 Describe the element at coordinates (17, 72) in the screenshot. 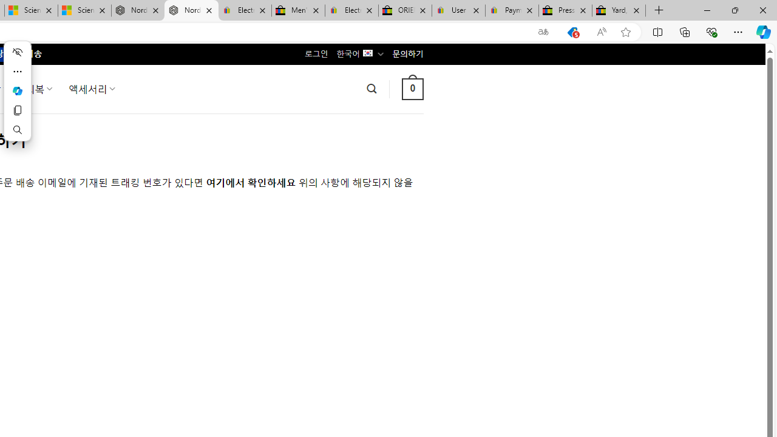

I see `'More actions'` at that location.